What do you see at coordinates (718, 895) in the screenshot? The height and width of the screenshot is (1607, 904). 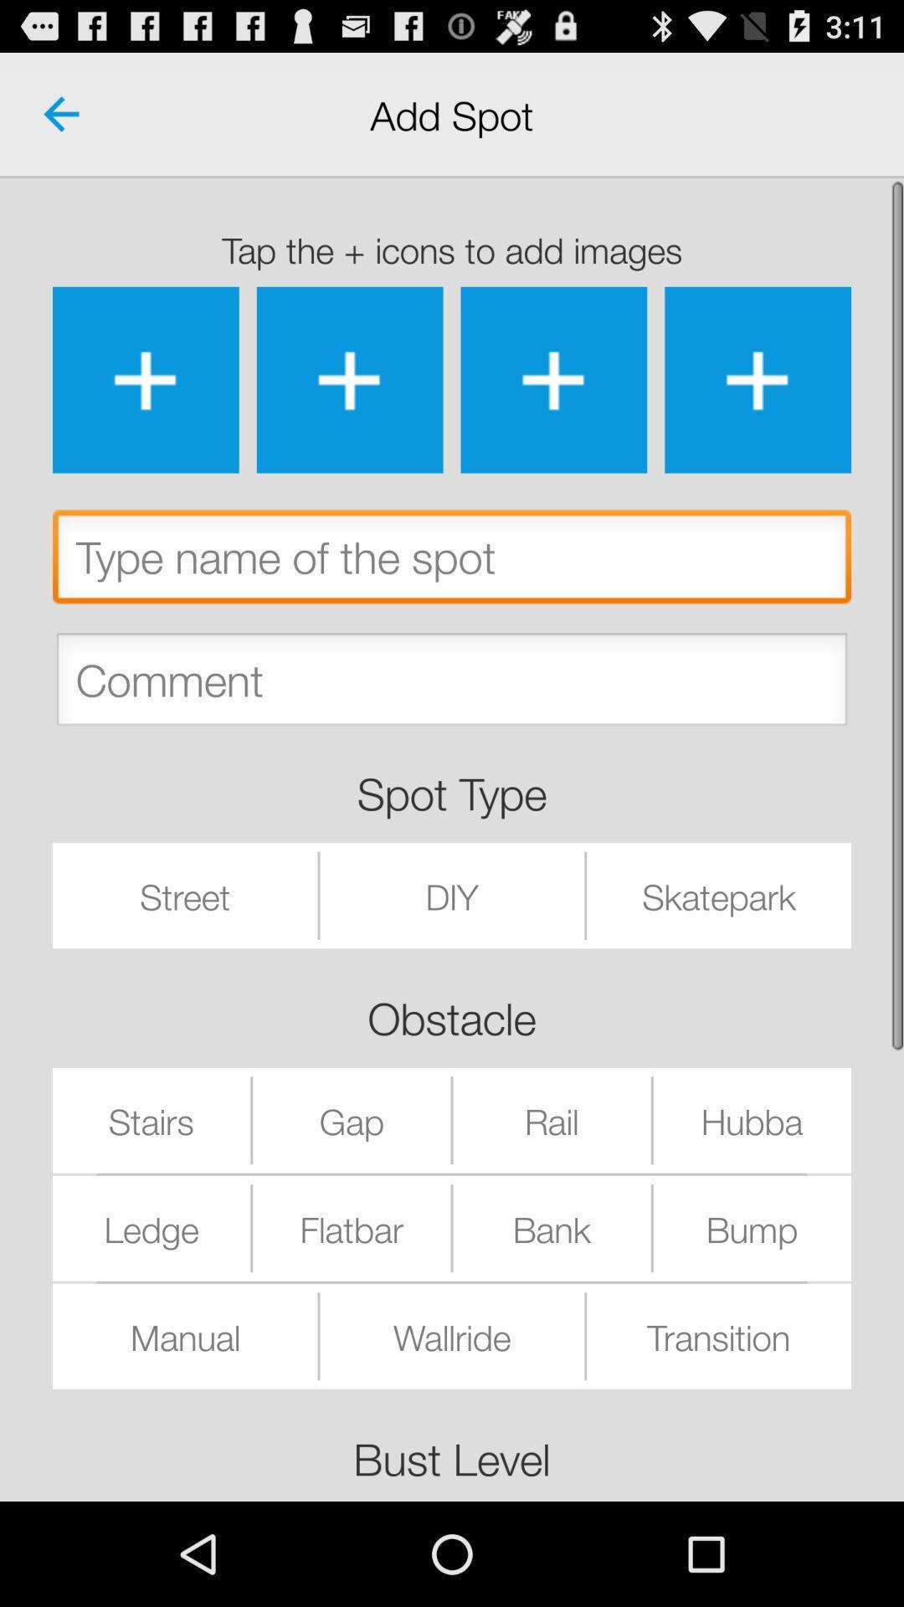 I see `icon above the rail` at bounding box center [718, 895].